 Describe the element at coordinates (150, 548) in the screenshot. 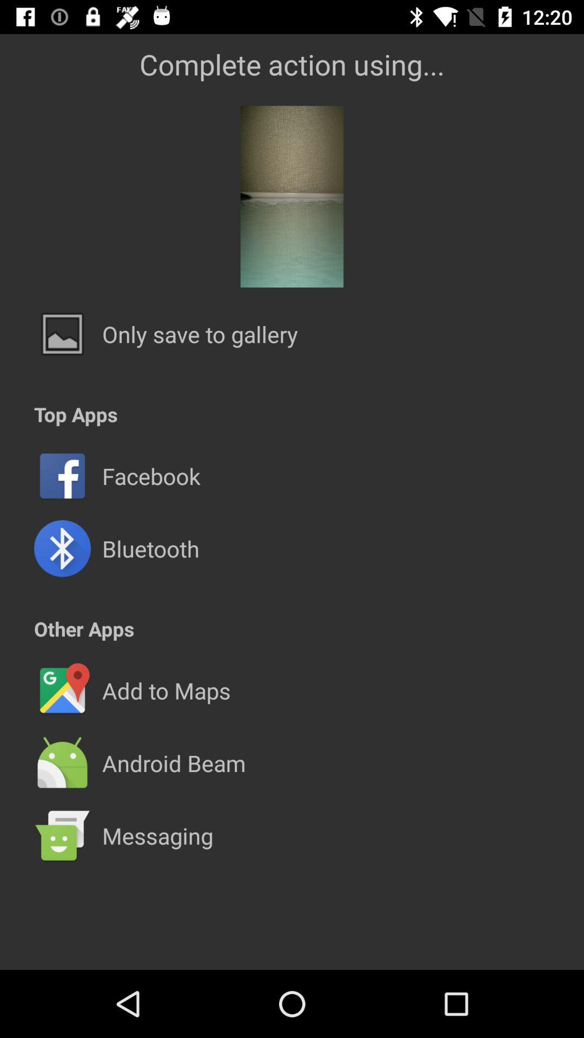

I see `the bluetooth app` at that location.